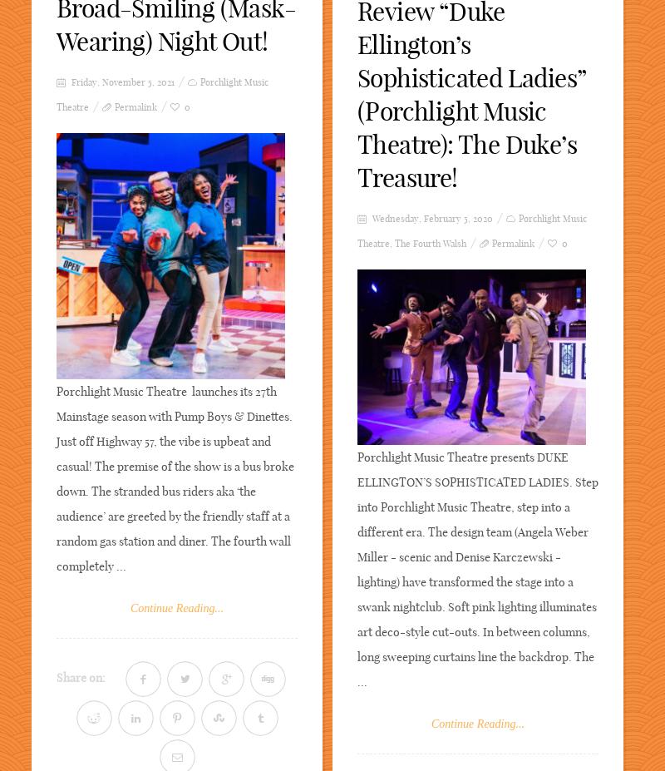 Image resolution: width=665 pixels, height=771 pixels. Describe the element at coordinates (81, 676) in the screenshot. I see `'Share on:'` at that location.